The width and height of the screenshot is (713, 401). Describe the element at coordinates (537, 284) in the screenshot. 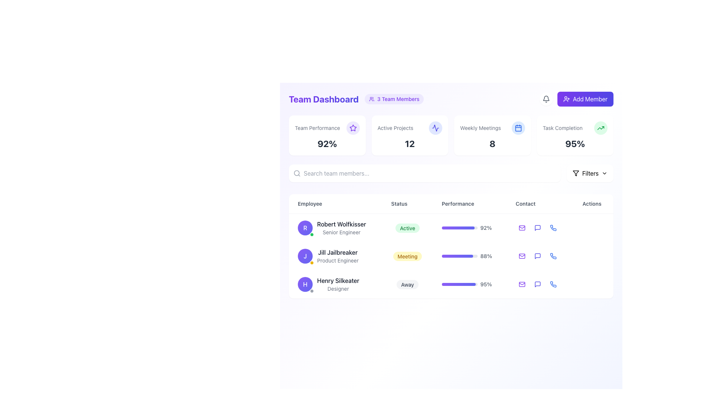

I see `the small, square-shaped button with a speech bubble icon in indigo color, located in the actions column of the third row, between the email icon button and the phone icon button, to observe a hover effect` at that location.